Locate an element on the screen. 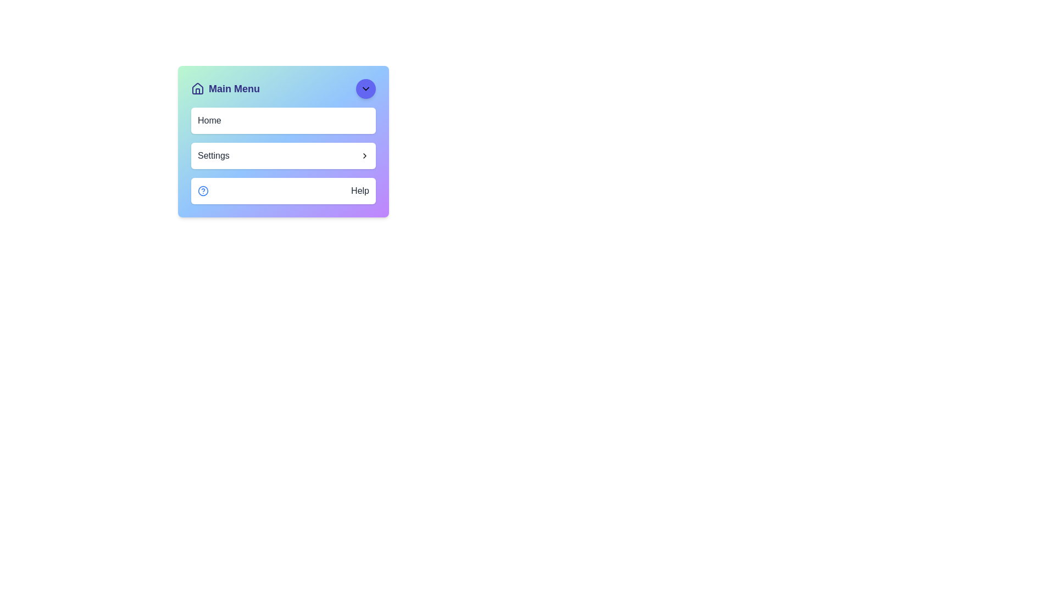 This screenshot has width=1055, height=593. the 'Home' navigation label, which is displayed in a medium-weight dark gray font on a white rounded rectangular background within the main menu is located at coordinates (209, 120).